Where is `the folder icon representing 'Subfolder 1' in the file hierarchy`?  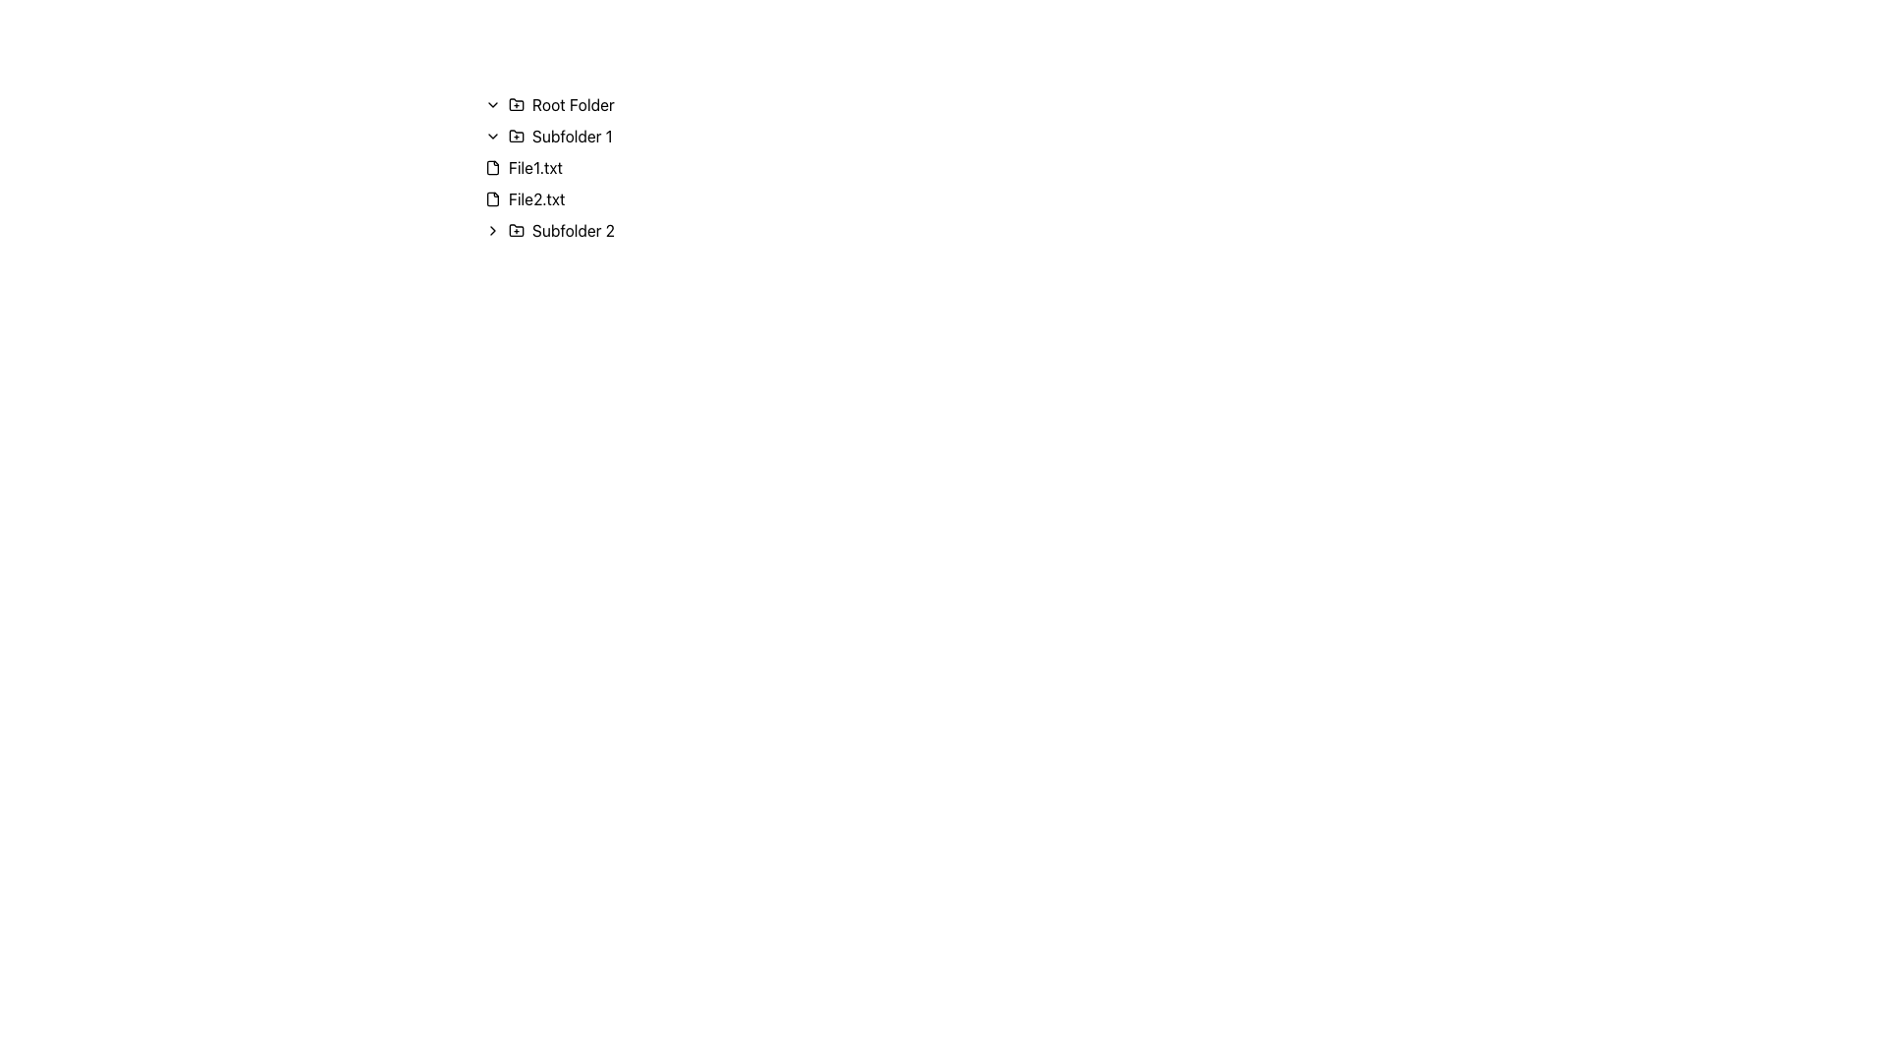
the folder icon representing 'Subfolder 1' in the file hierarchy is located at coordinates (517, 135).